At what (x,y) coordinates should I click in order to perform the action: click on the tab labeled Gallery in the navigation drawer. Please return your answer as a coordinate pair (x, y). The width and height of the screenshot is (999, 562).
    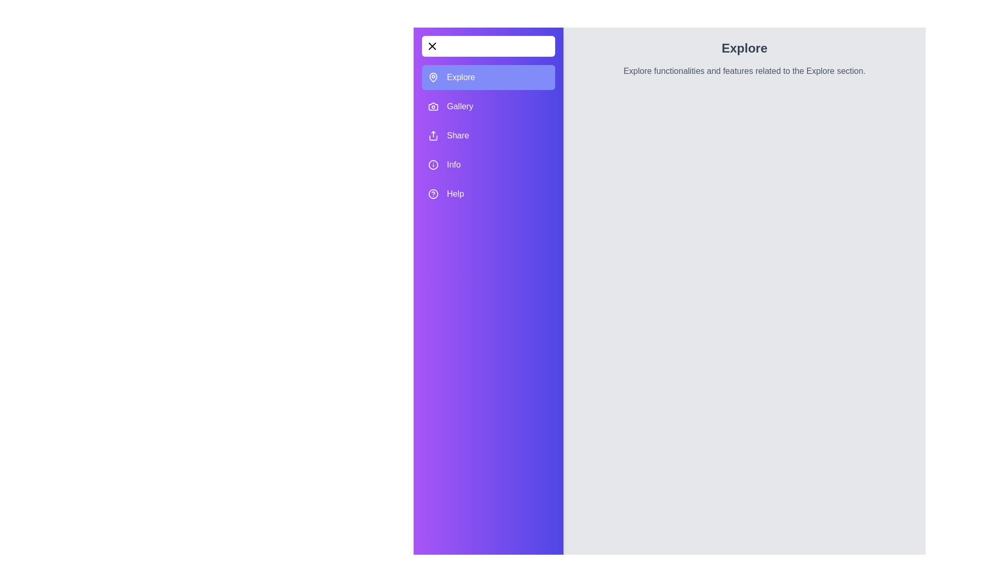
    Looking at the image, I should click on (488, 106).